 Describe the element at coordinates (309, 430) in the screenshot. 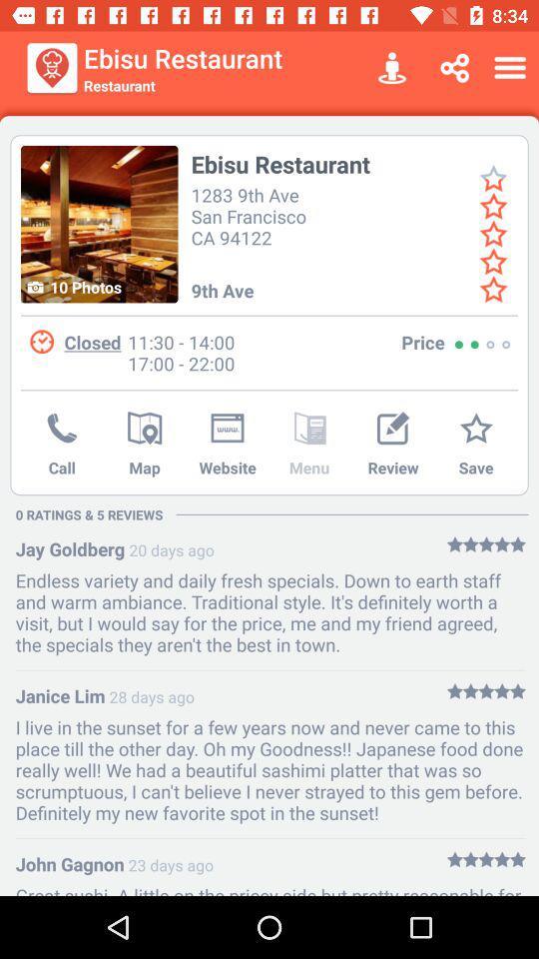

I see `item above menu icon` at that location.